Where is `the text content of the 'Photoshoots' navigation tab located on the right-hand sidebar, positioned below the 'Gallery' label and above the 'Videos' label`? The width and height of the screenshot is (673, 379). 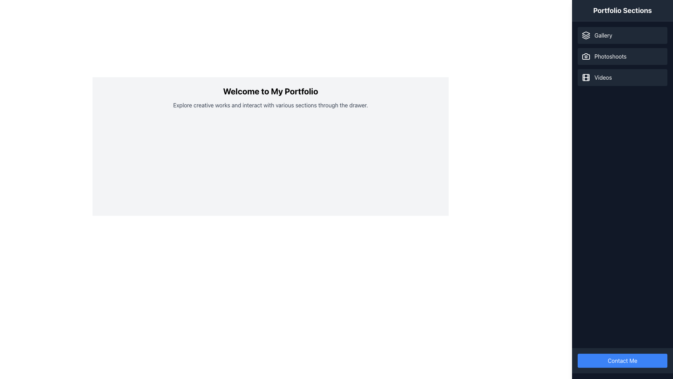
the text content of the 'Photoshoots' navigation tab located on the right-hand sidebar, positioned below the 'Gallery' label and above the 'Videos' label is located at coordinates (610, 56).